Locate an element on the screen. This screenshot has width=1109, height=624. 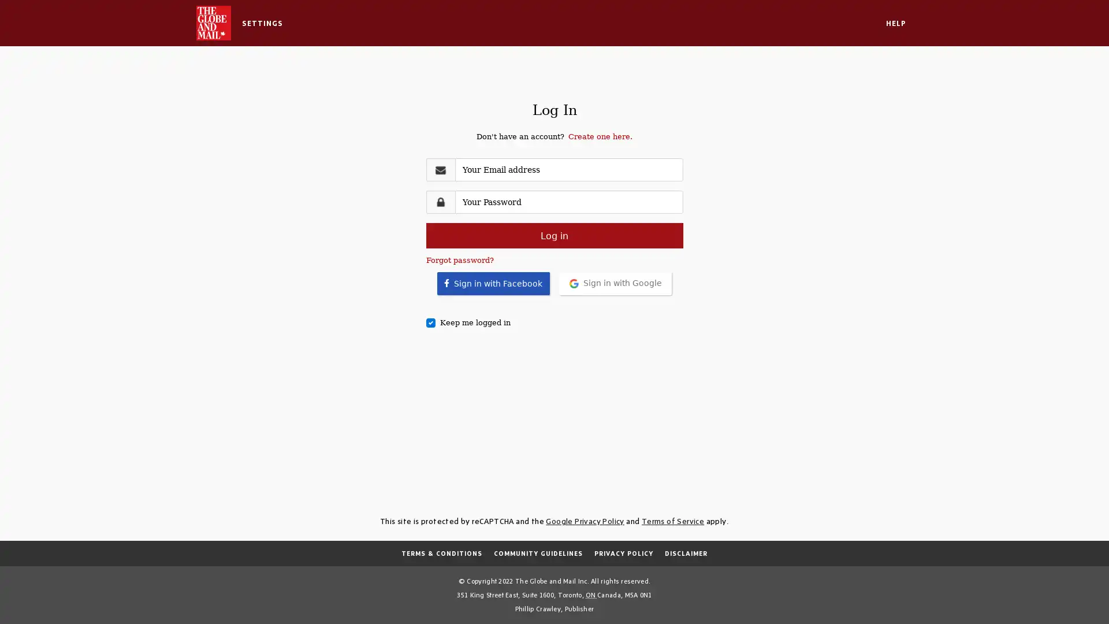
Log in is located at coordinates (553, 235).